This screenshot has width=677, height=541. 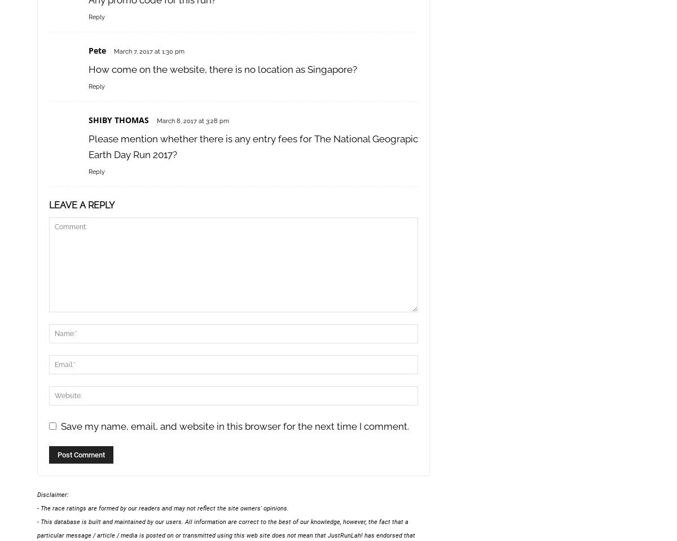 I want to click on 'Pete', so click(x=96, y=50).